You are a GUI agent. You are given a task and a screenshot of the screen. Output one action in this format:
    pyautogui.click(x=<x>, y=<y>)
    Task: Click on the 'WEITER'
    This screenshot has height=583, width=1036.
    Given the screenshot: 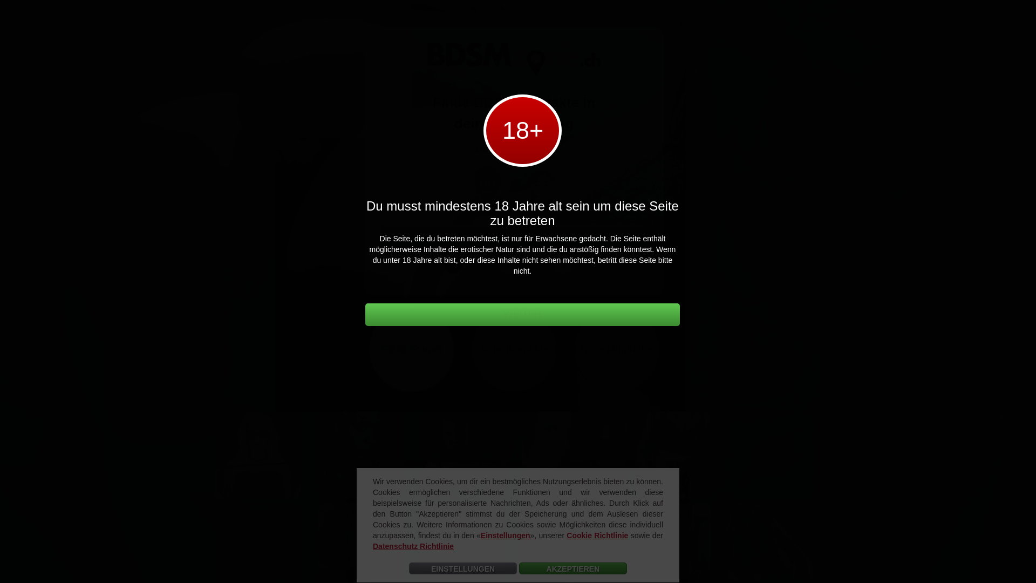 What is the action you would take?
    pyautogui.click(x=522, y=314)
    